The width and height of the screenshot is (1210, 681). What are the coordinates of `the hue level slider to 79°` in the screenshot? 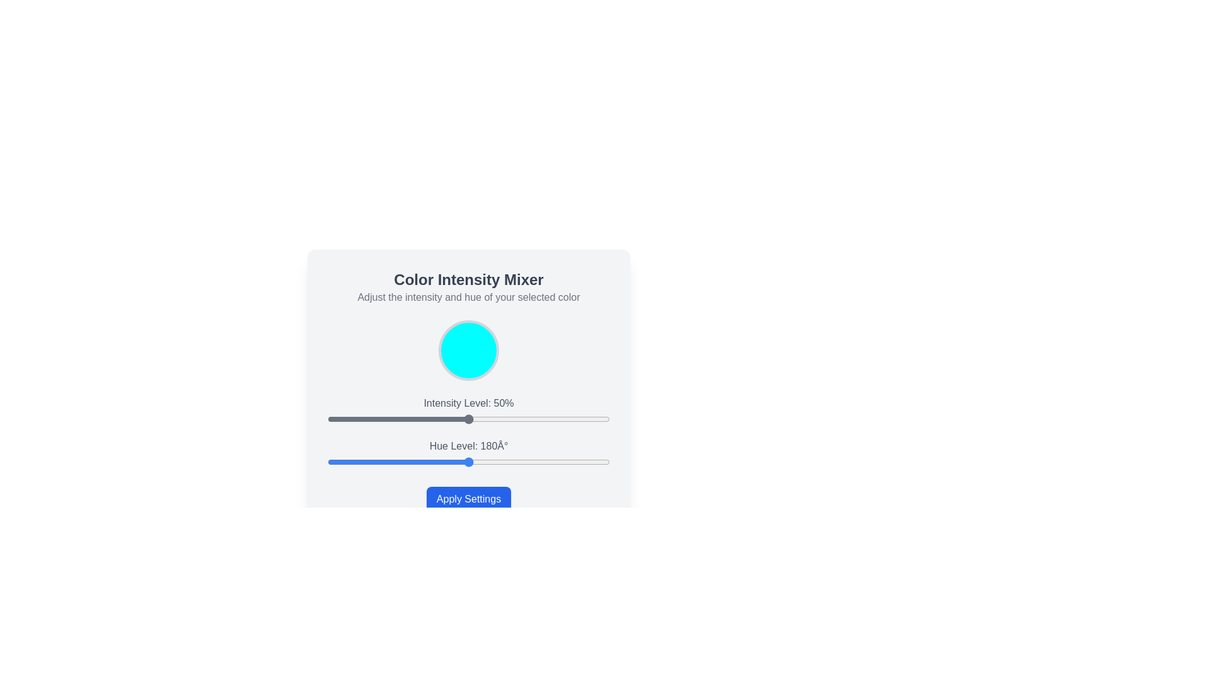 It's located at (389, 462).